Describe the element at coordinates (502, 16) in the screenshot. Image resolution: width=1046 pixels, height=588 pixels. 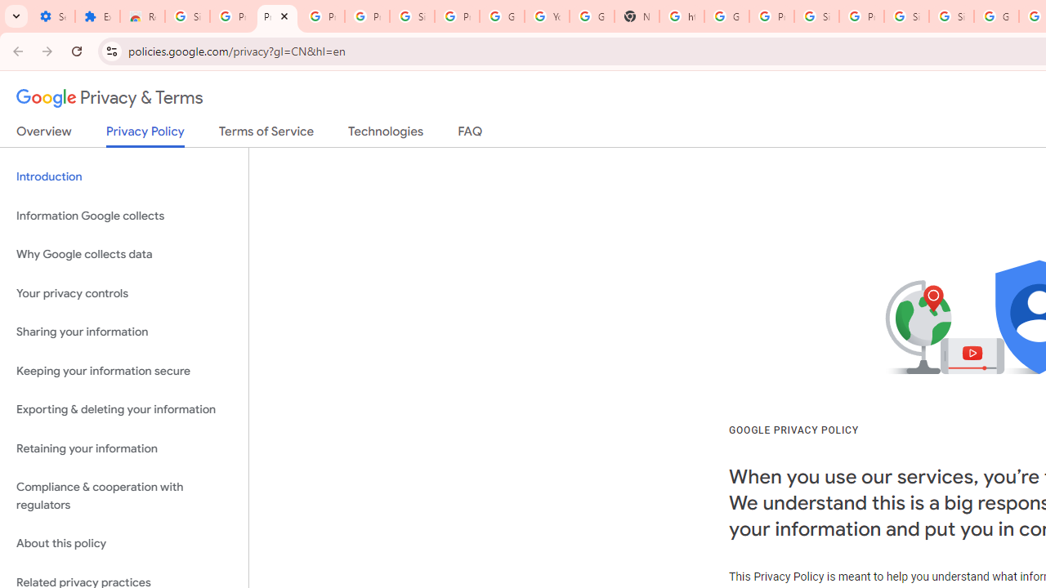
I see `'Google Account'` at that location.